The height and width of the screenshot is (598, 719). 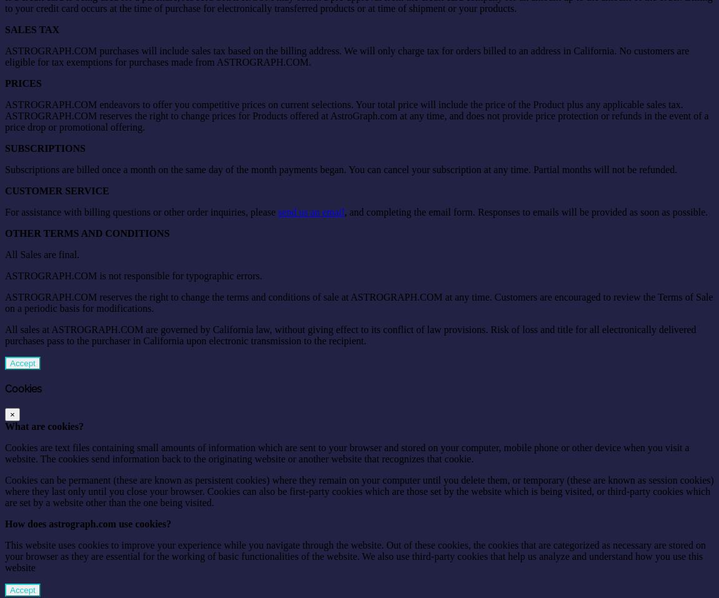 What do you see at coordinates (4, 28) in the screenshot?
I see `'SALES TAX'` at bounding box center [4, 28].